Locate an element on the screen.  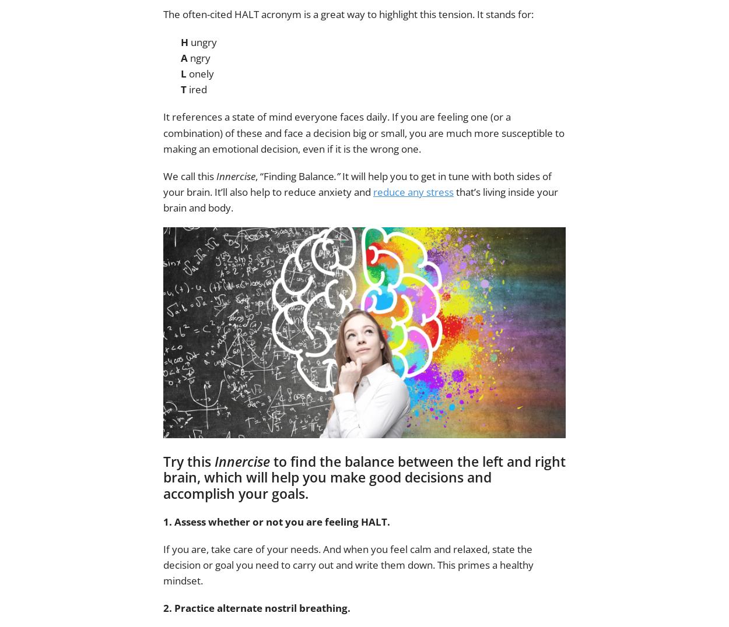
'It will help you to get in tune with both sides of your brain. It’ll also help to reduce anxiety and' is located at coordinates (357, 184).